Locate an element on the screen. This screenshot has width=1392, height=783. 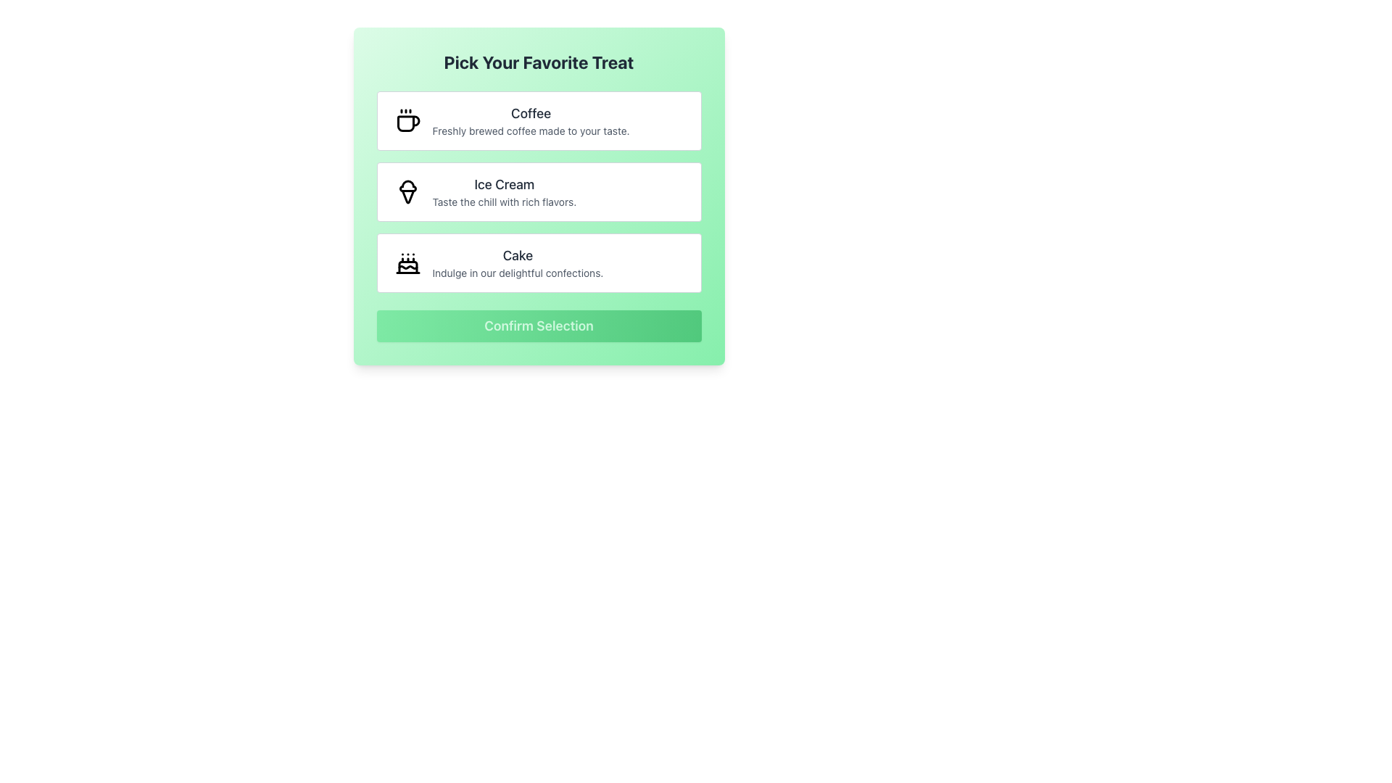
the curved line forming the top part of the ice cream illustration in the 'Ice Cream' option, located in the second card of the options list is located at coordinates (407, 183).